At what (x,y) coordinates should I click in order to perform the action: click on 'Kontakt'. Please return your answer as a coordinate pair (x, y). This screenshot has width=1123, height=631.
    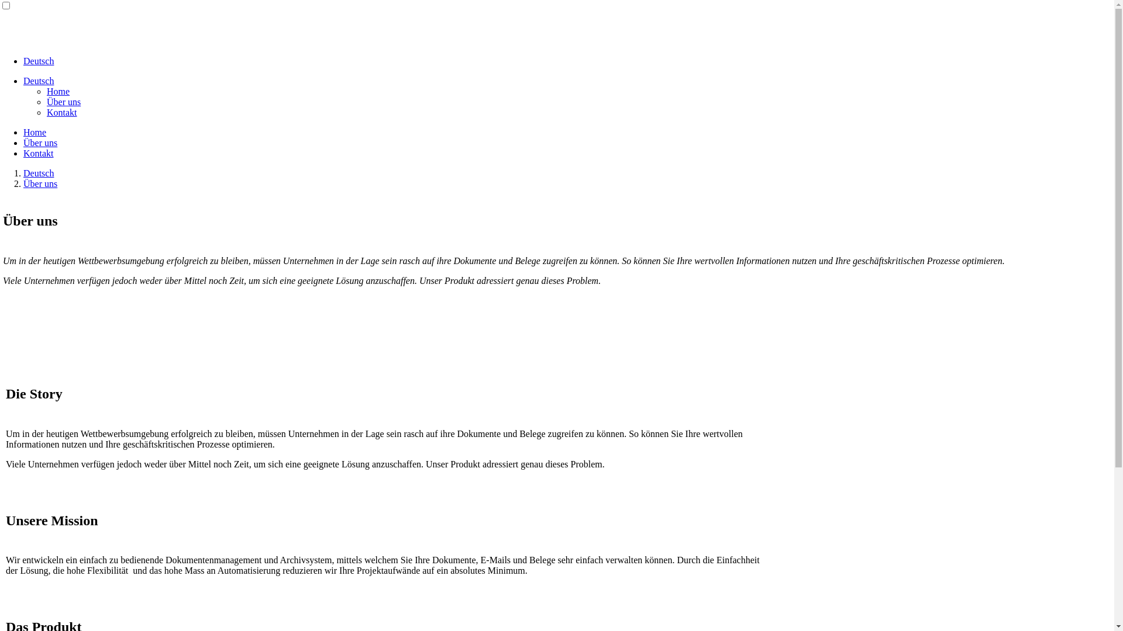
    Looking at the image, I should click on (47, 112).